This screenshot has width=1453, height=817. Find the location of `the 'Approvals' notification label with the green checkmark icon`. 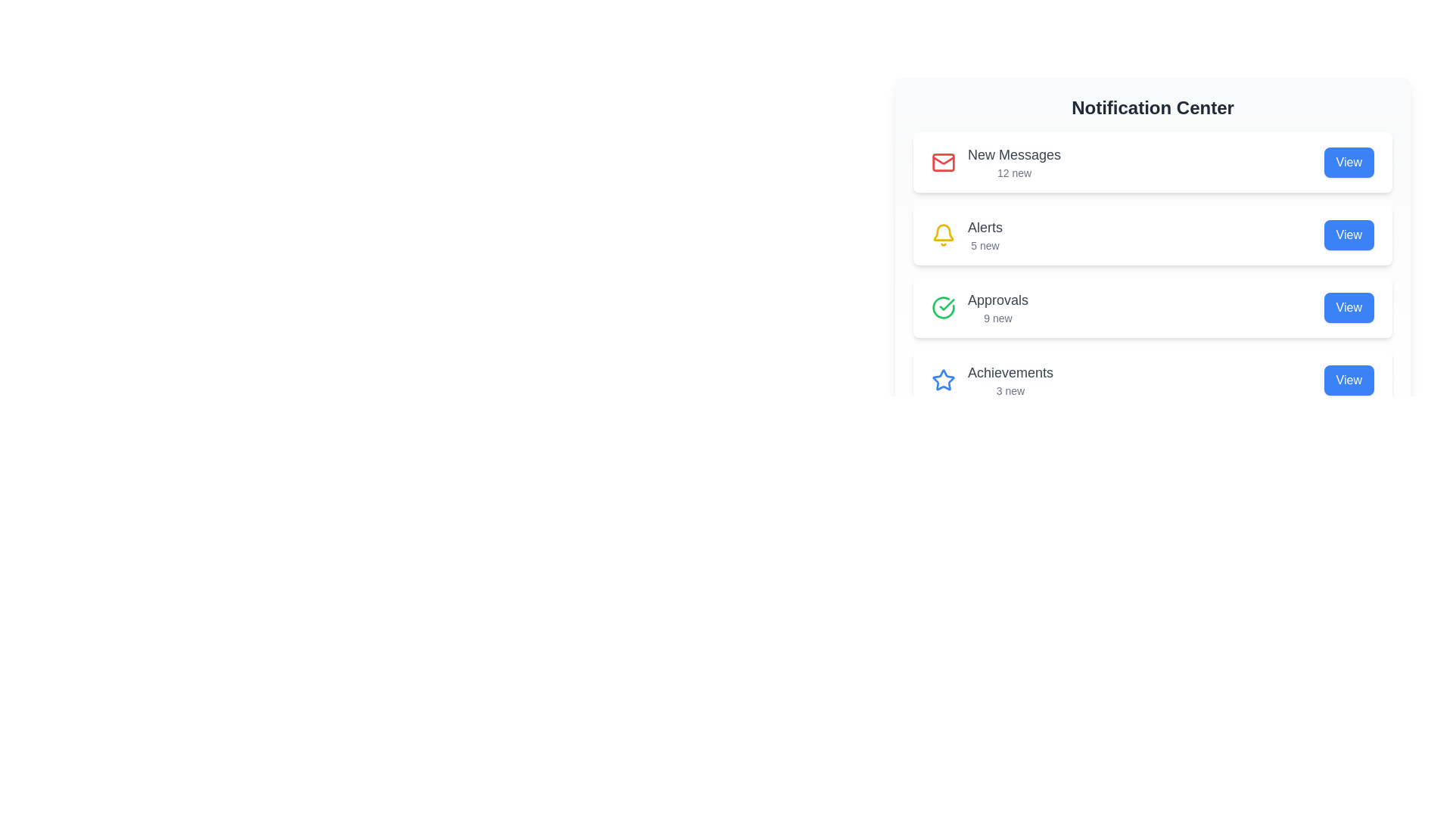

the 'Approvals' notification label with the green checkmark icon is located at coordinates (980, 307).